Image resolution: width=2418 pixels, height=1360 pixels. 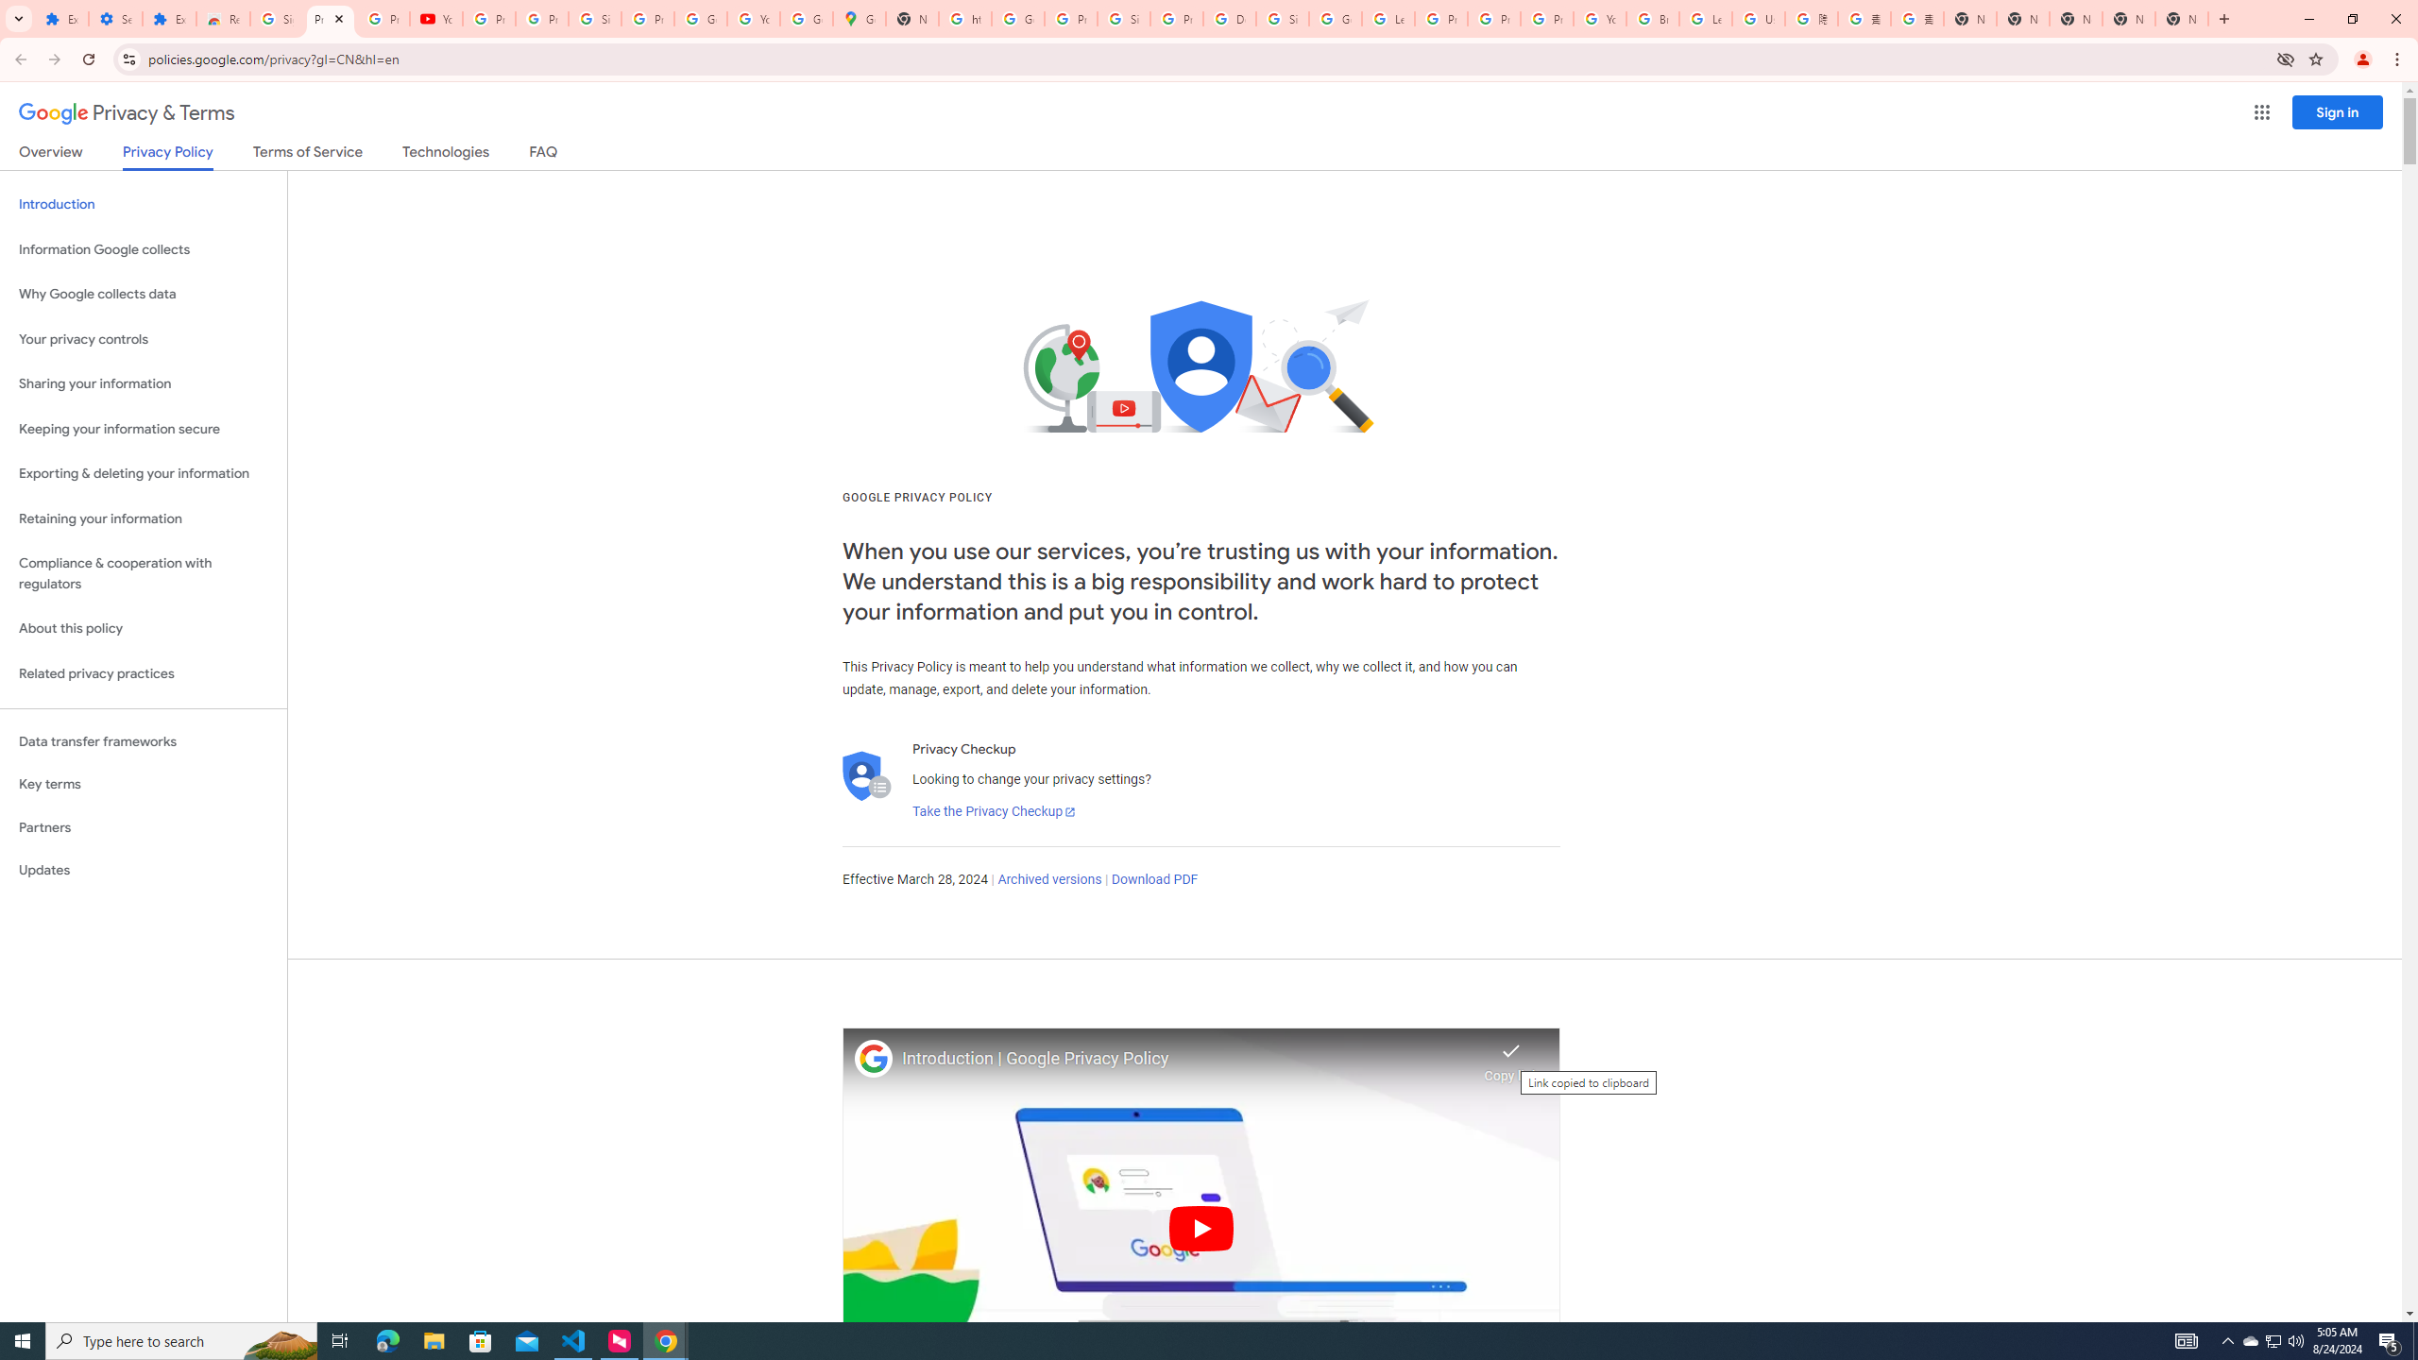 What do you see at coordinates (965, 18) in the screenshot?
I see `'https://scholar.google.com/'` at bounding box center [965, 18].